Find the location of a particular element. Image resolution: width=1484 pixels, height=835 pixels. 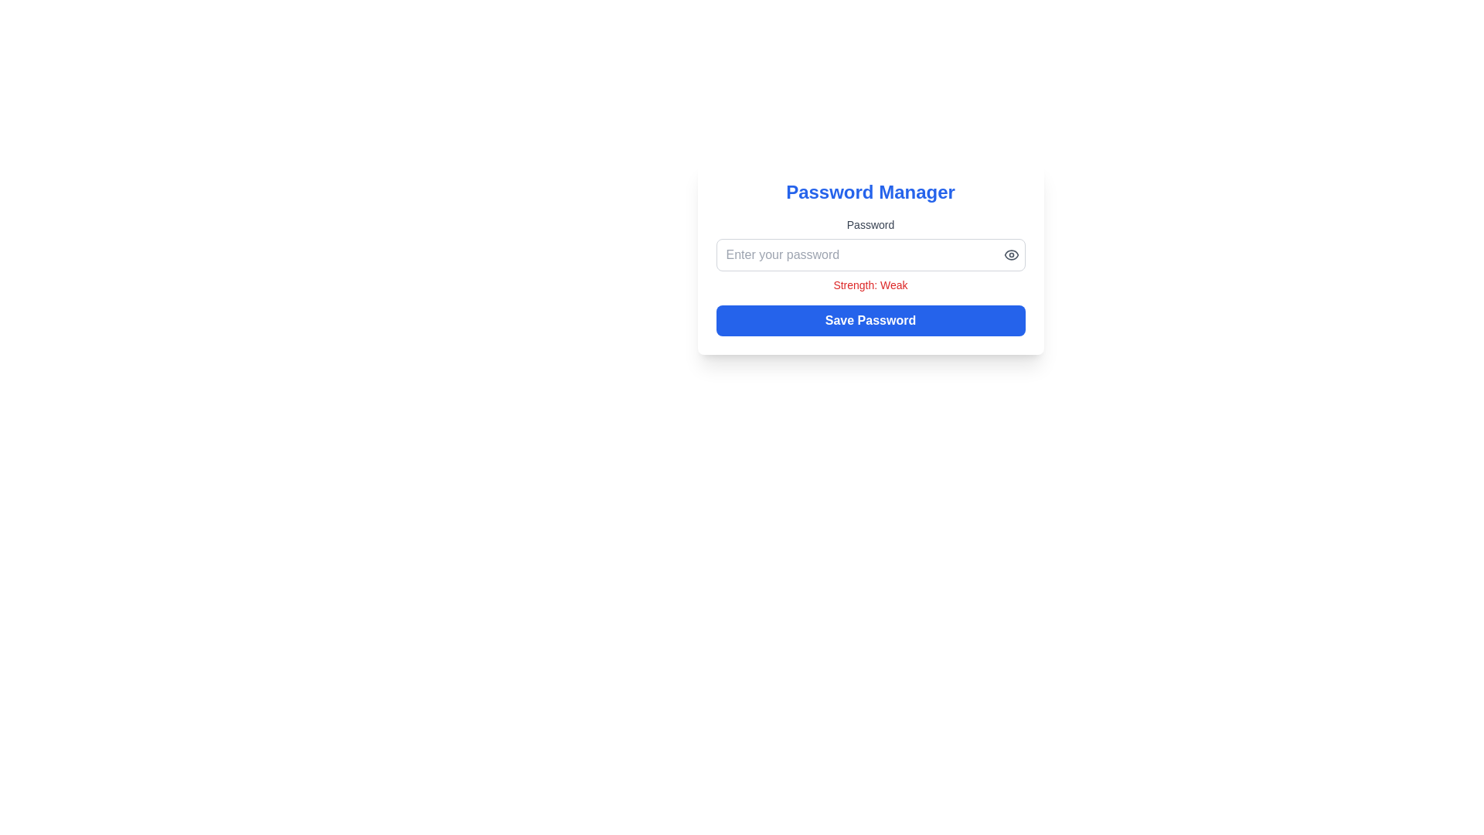

the 'Password' text label, which is styled with a small font size and medium weight, and is positioned above the password input field within the form interface is located at coordinates (870, 224).